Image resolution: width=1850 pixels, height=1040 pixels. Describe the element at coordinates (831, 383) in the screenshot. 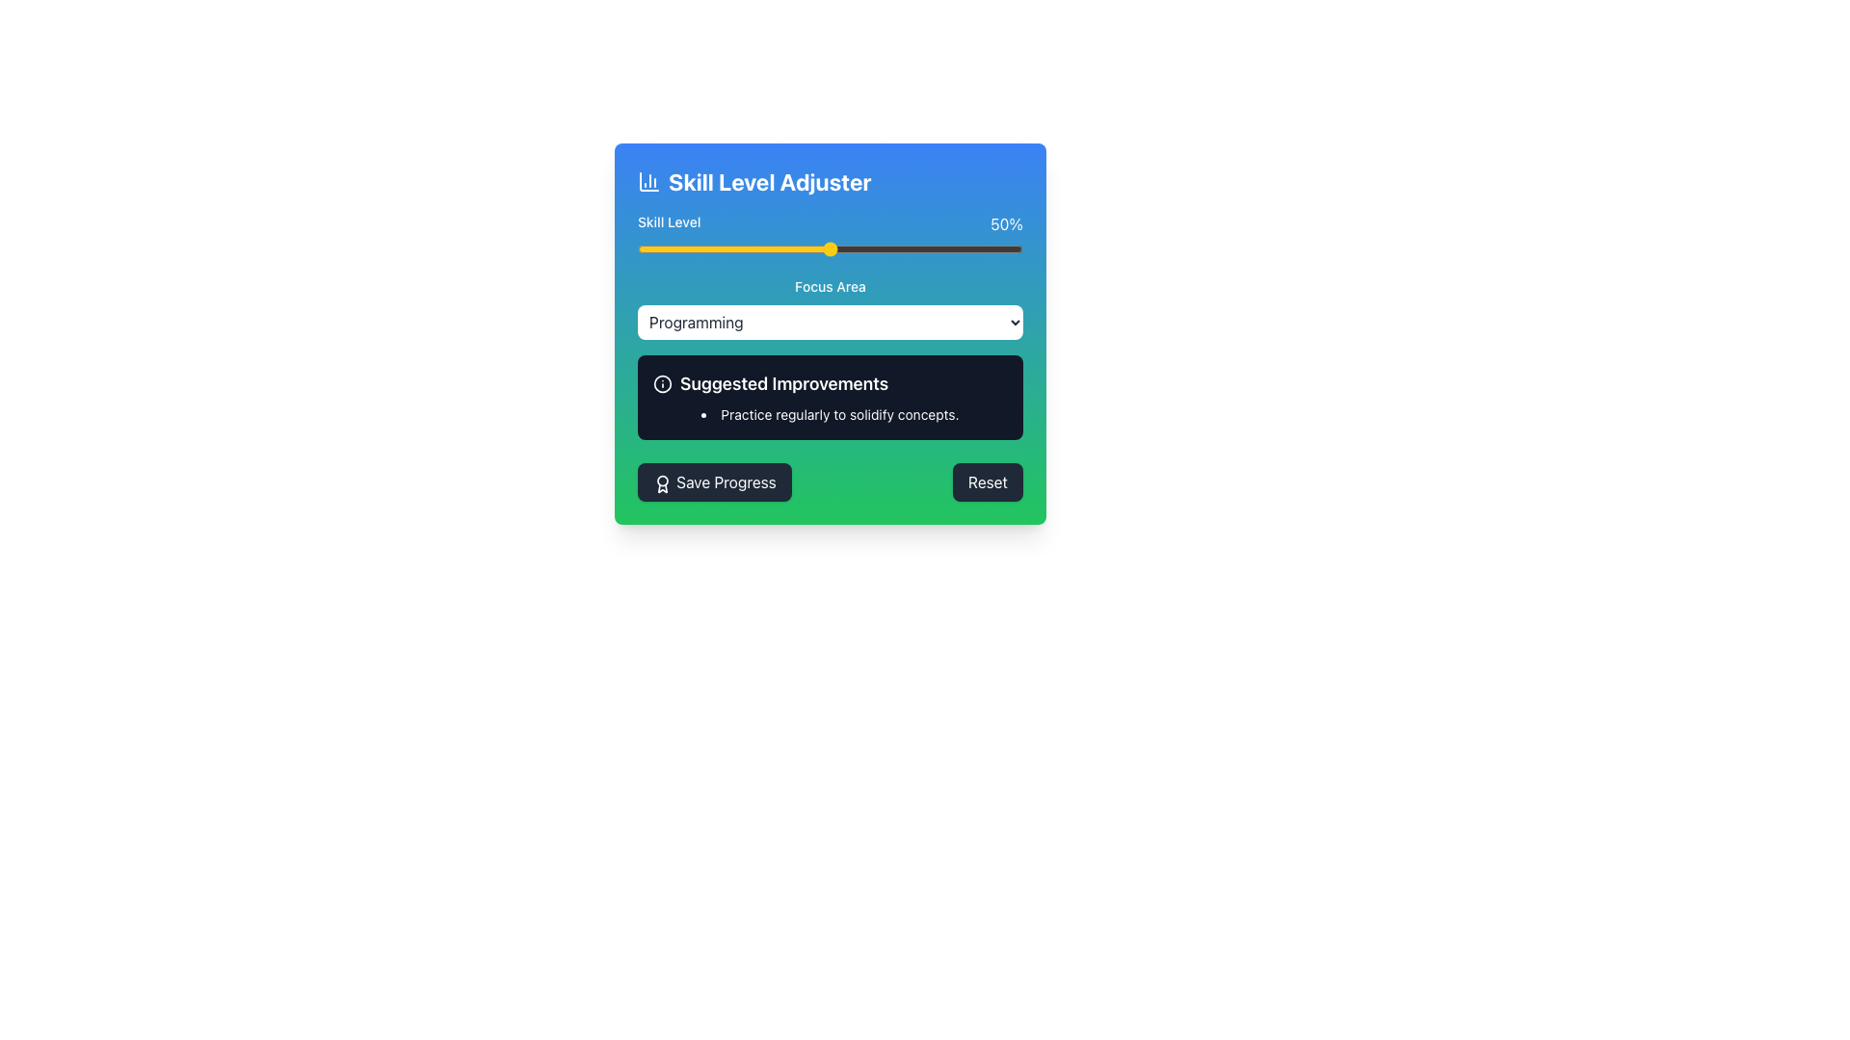

I see `the 'Suggested Improvements' header element that features a bold title and an informational icon on its left, located in the center column of the interface` at that location.